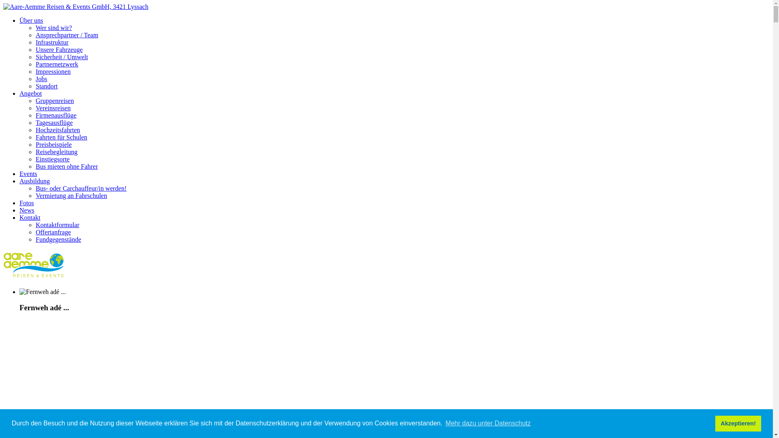 The height and width of the screenshot is (438, 779). I want to click on 'Unsere Fahrzeuge', so click(58, 49).